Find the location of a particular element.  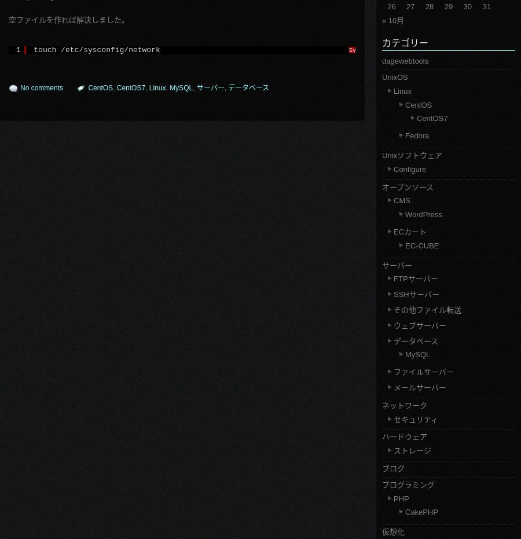

'1' is located at coordinates (17, 49).